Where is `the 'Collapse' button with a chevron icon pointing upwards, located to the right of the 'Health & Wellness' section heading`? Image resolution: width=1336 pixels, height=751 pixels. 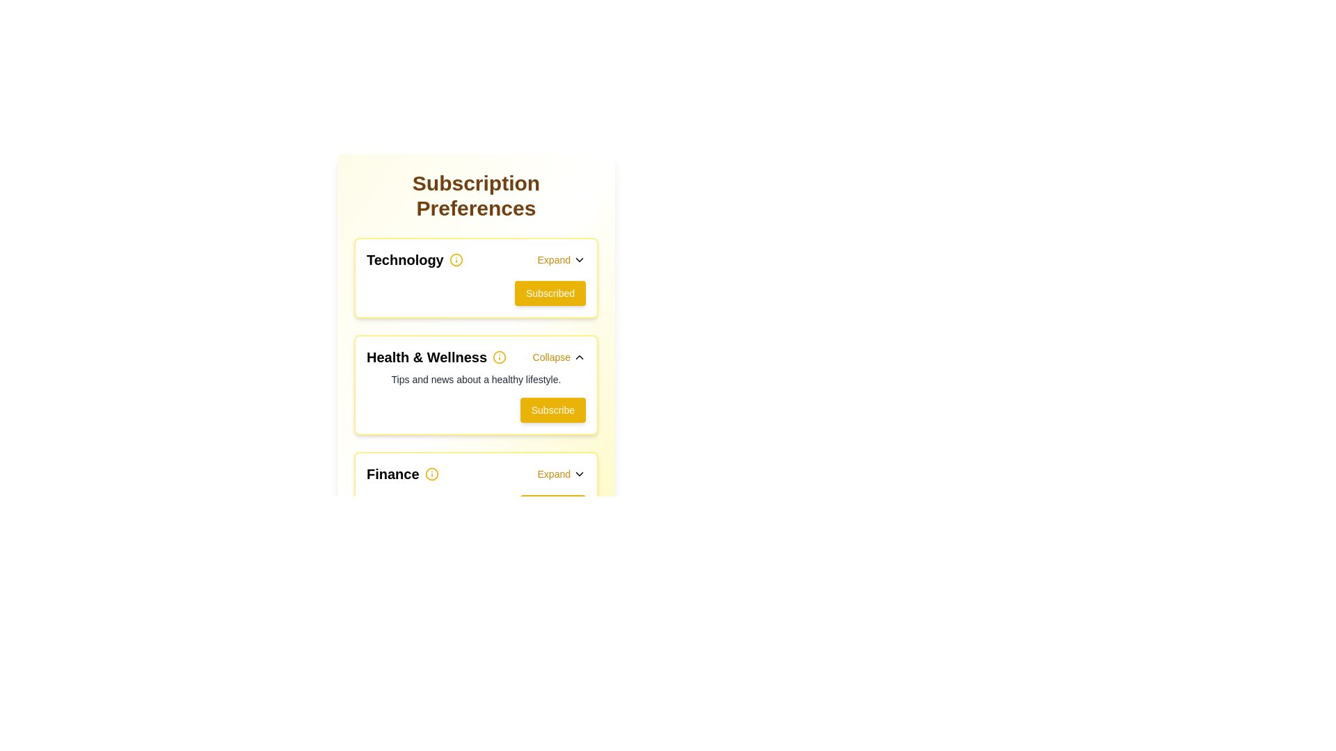 the 'Collapse' button with a chevron icon pointing upwards, located to the right of the 'Health & Wellness' section heading is located at coordinates (559, 356).